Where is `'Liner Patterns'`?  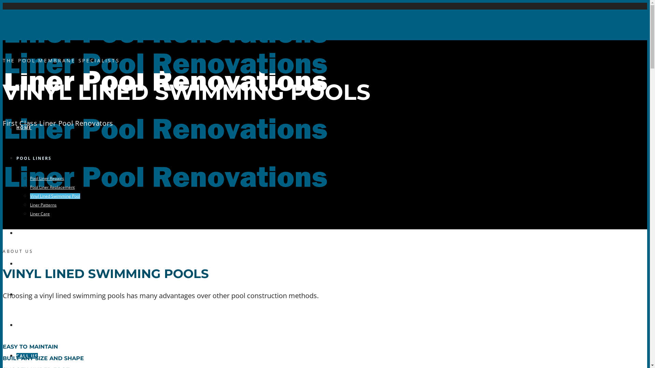 'Liner Patterns' is located at coordinates (43, 204).